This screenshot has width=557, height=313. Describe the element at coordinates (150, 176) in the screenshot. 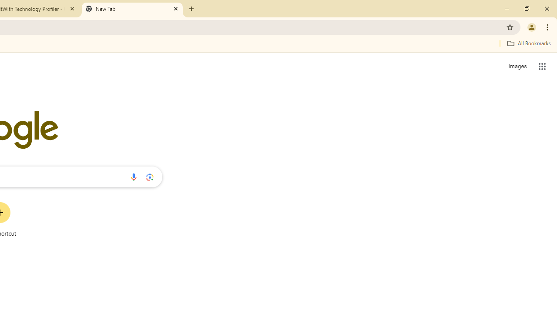

I see `'Search by image'` at that location.